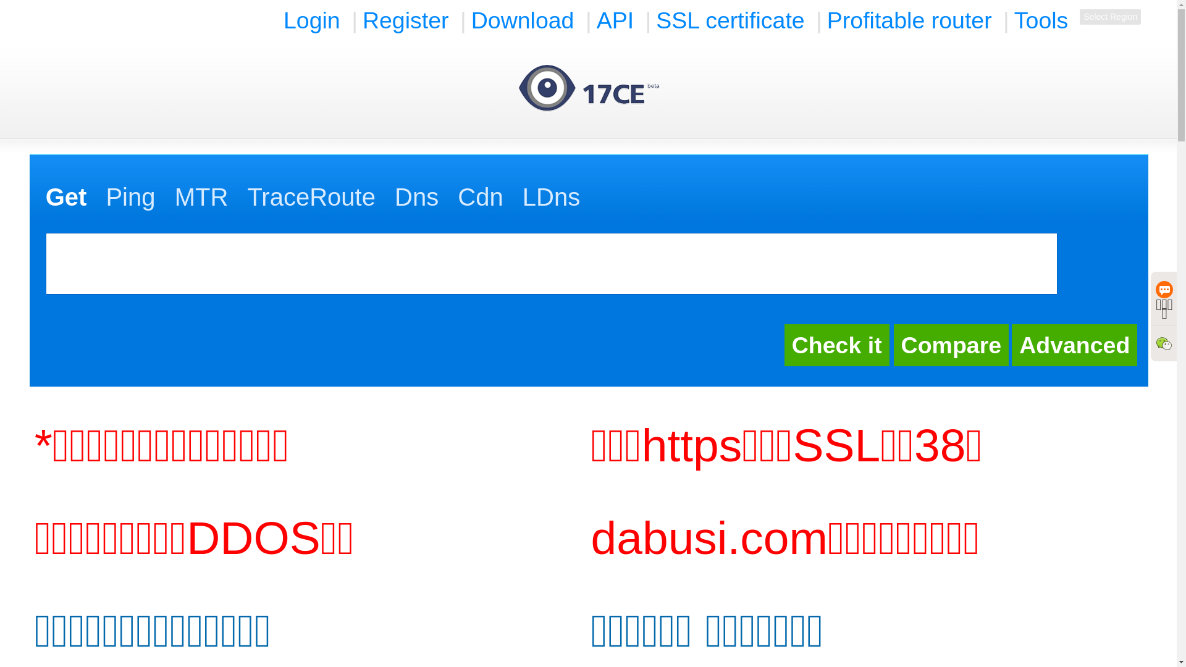 This screenshot has height=667, width=1186. I want to click on 'Tools', so click(1040, 20).